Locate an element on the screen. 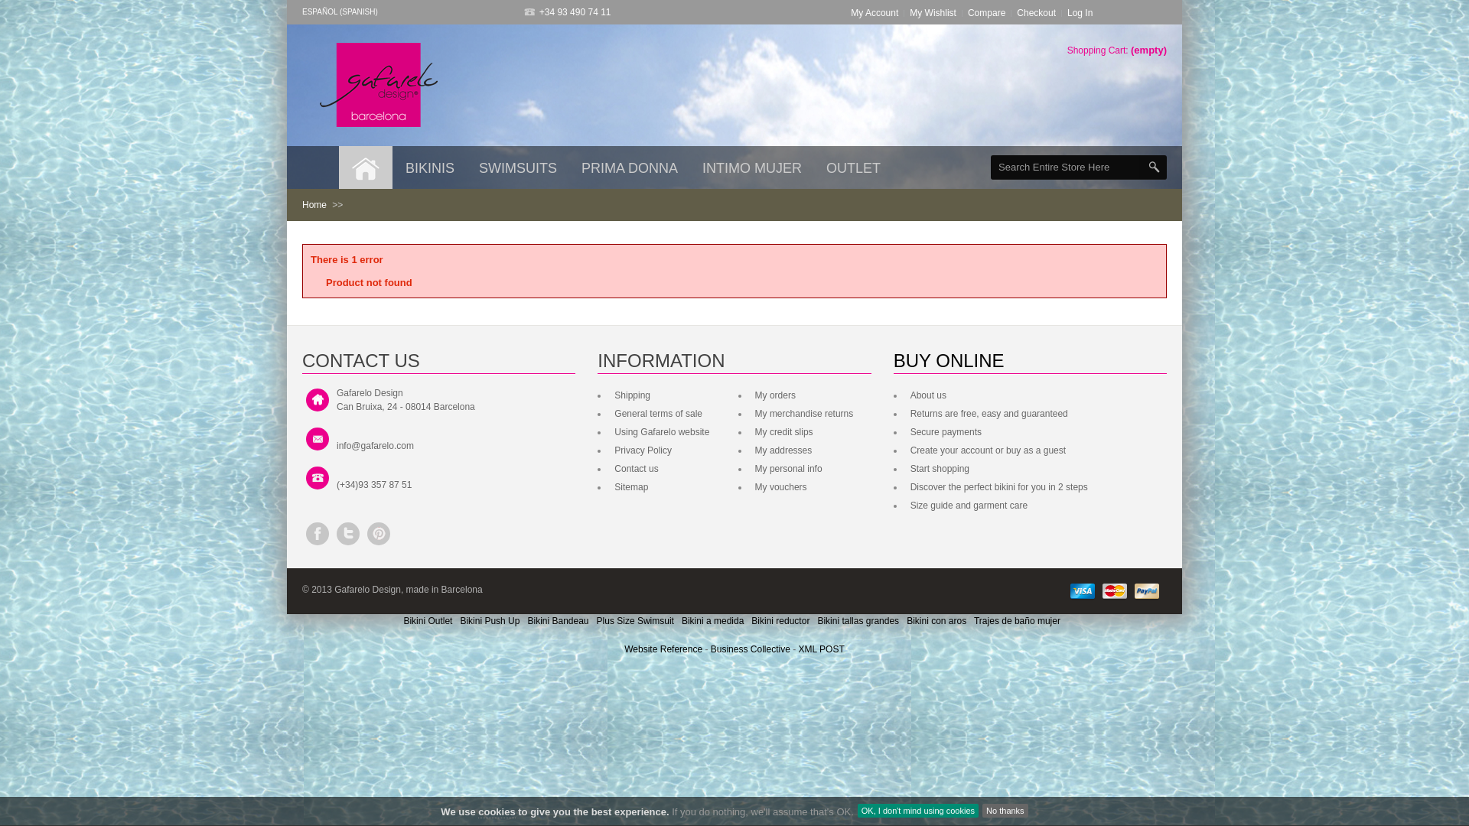 This screenshot has height=826, width=1469. 'Start shopping' is located at coordinates (936, 468).